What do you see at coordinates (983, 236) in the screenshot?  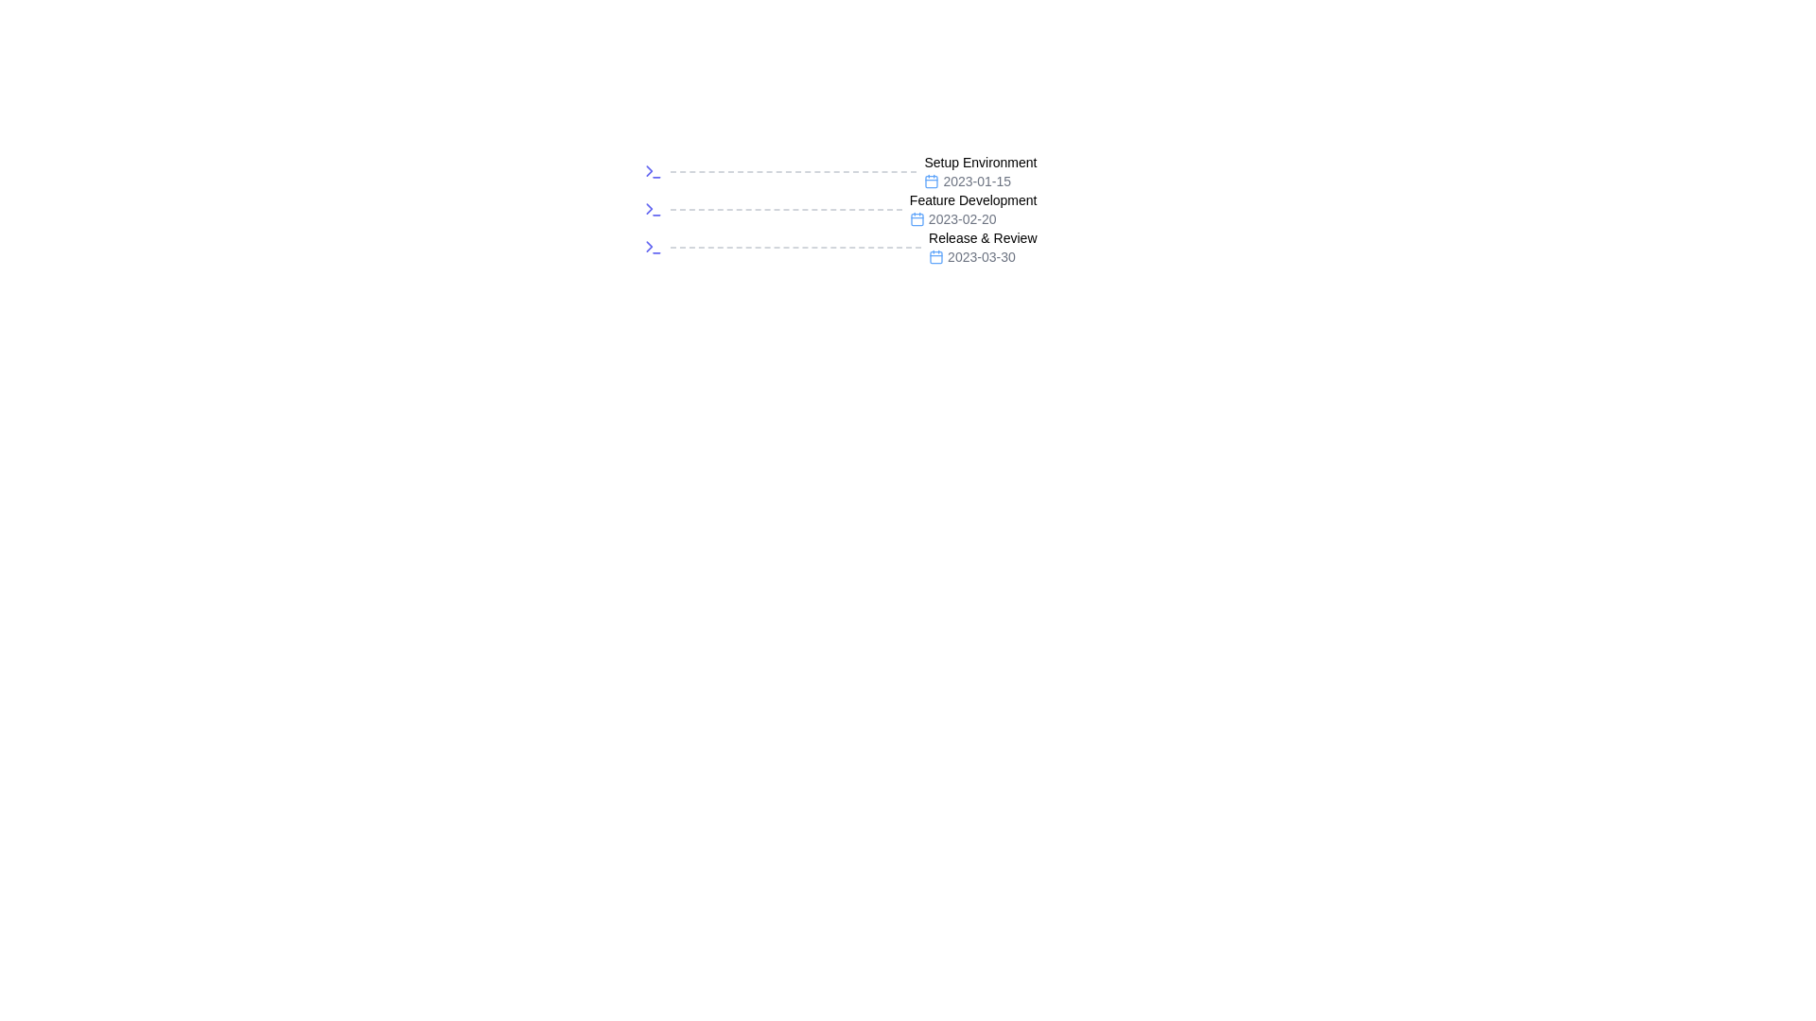 I see `the text label indicating the 'Release & Review' phase located at the bottom right quadrant of the interface` at bounding box center [983, 236].